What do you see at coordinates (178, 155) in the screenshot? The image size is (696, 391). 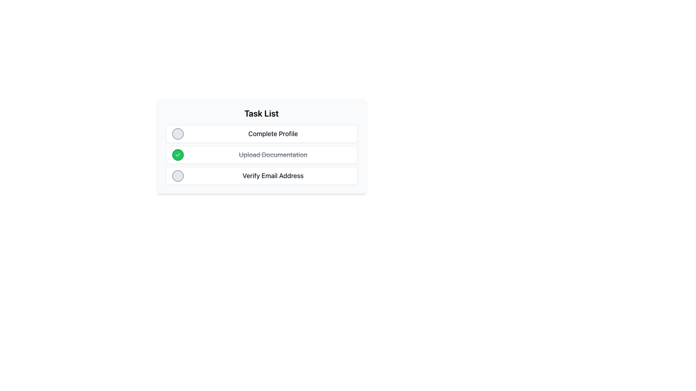 I see `the green circular button with a white checkmark icon, located on the left side of the row labeled 'Upload Documentation'` at bounding box center [178, 155].